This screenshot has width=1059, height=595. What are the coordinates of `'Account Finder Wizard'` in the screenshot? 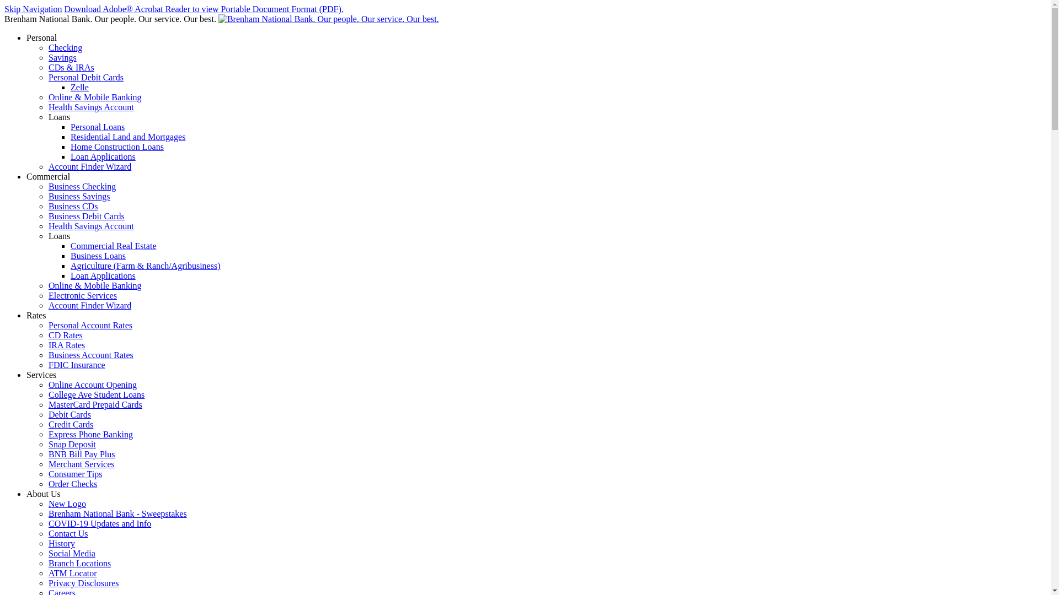 It's located at (90, 305).